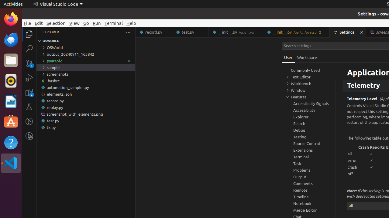 This screenshot has width=389, height=218. What do you see at coordinates (190, 32) in the screenshot?
I see `'test.py'` at bounding box center [190, 32].